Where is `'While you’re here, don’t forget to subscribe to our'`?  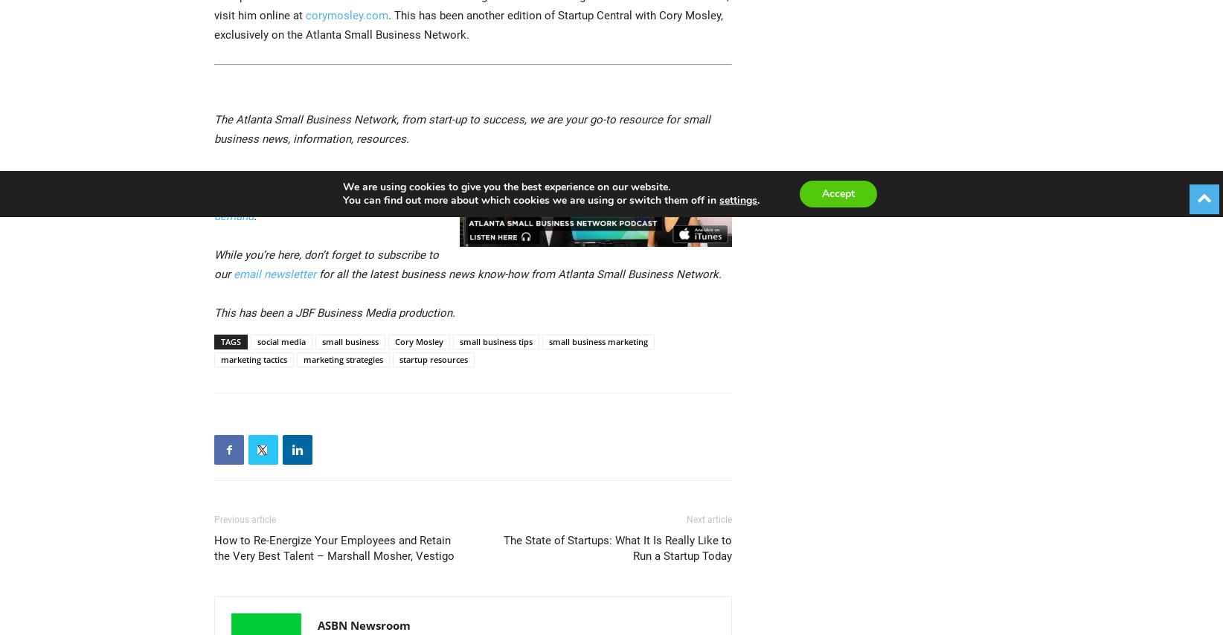
'While you’re here, don’t forget to subscribe to our' is located at coordinates (326, 265).